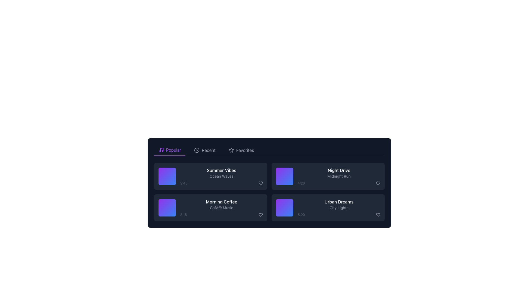 This screenshot has height=293, width=522. What do you see at coordinates (222, 176) in the screenshot?
I see `the subtitle or additional description text element located below 'Summer Vibes' and above the duration '3:45'` at bounding box center [222, 176].